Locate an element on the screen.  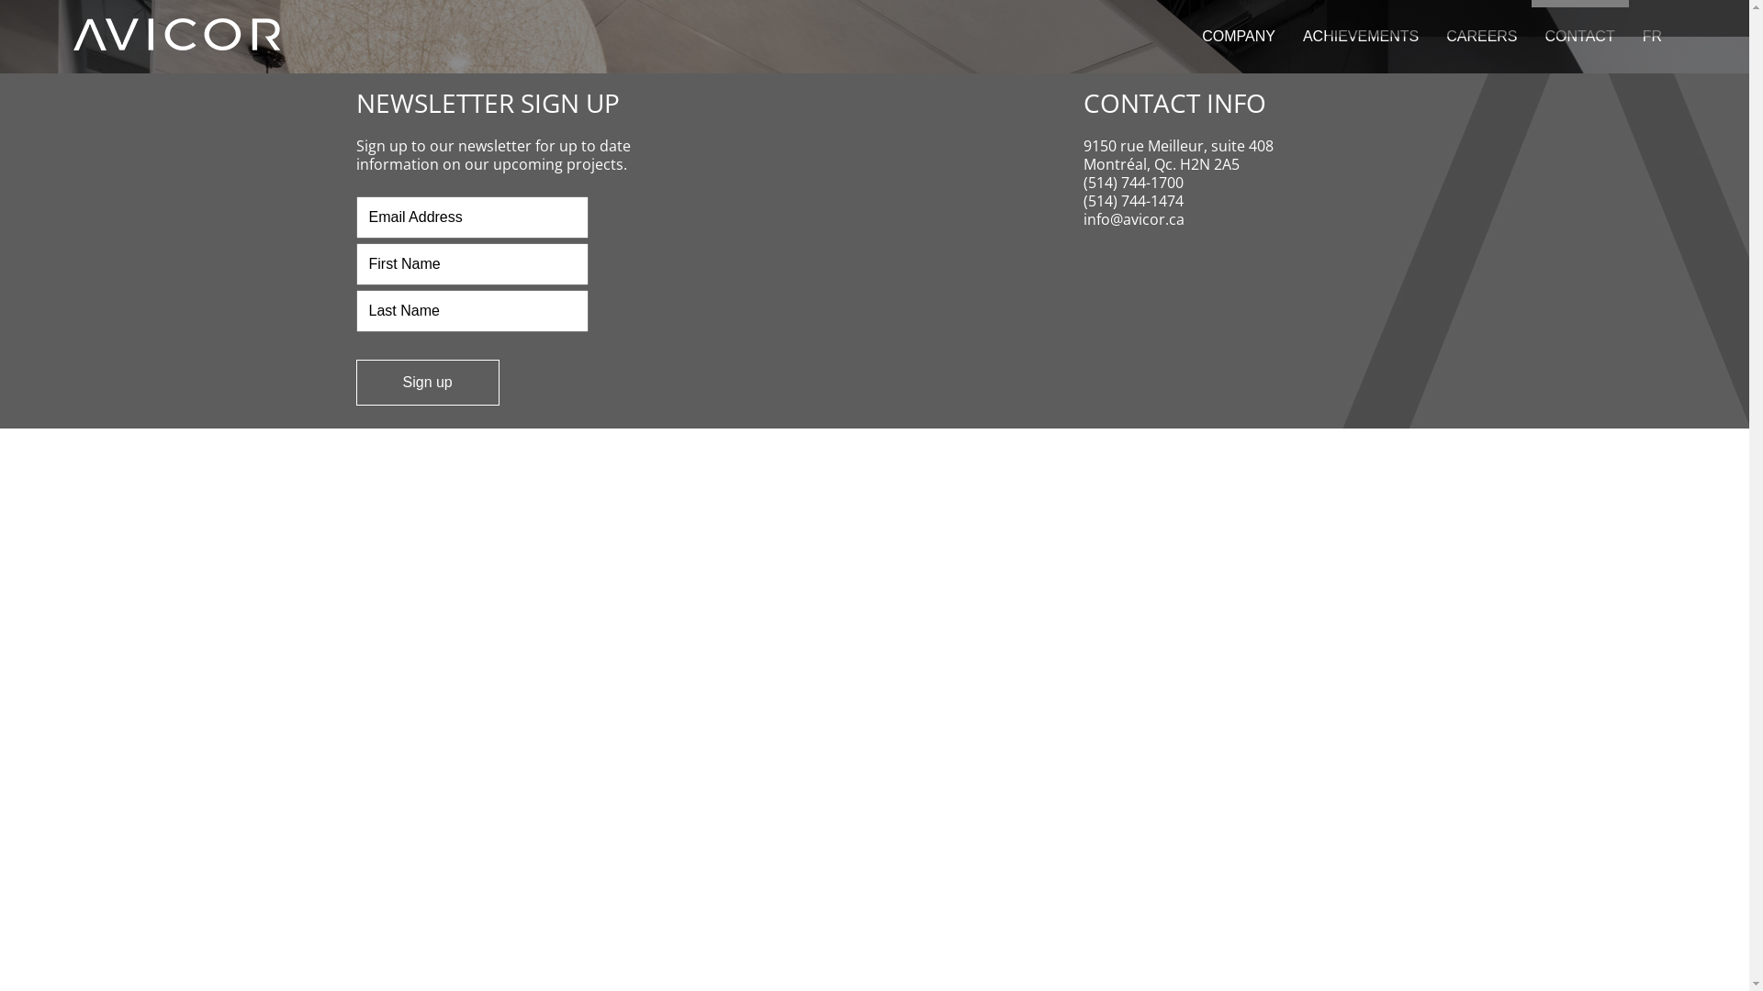
'Sign up' is located at coordinates (426, 381).